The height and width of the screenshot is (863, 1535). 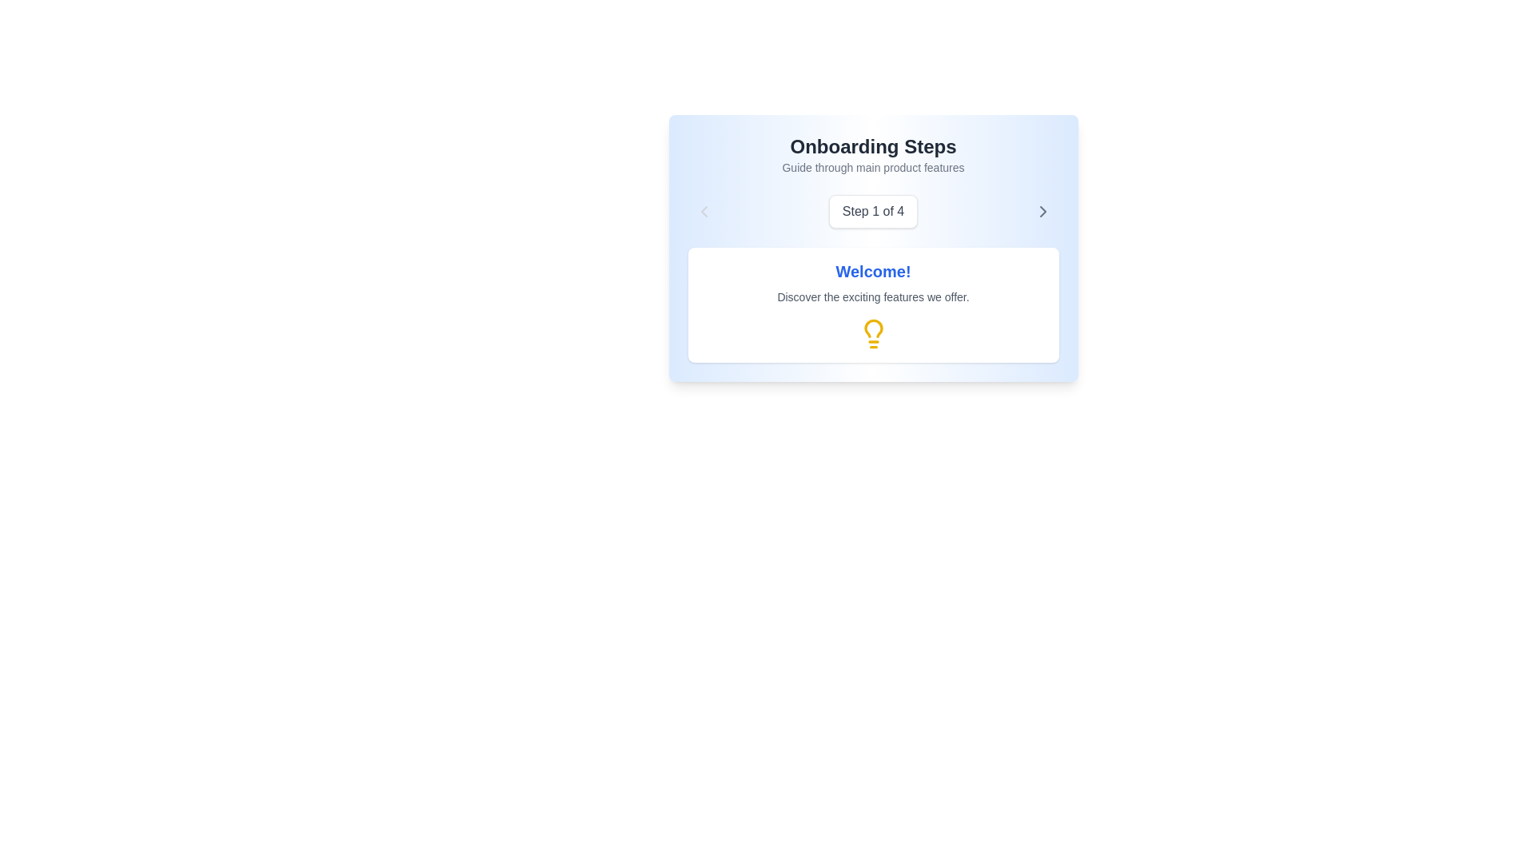 What do you see at coordinates (872, 167) in the screenshot?
I see `text label that says 'Guide through main product features', which is styled in a small gray font and located below the title 'Onboarding Steps' in the onboarding card` at bounding box center [872, 167].